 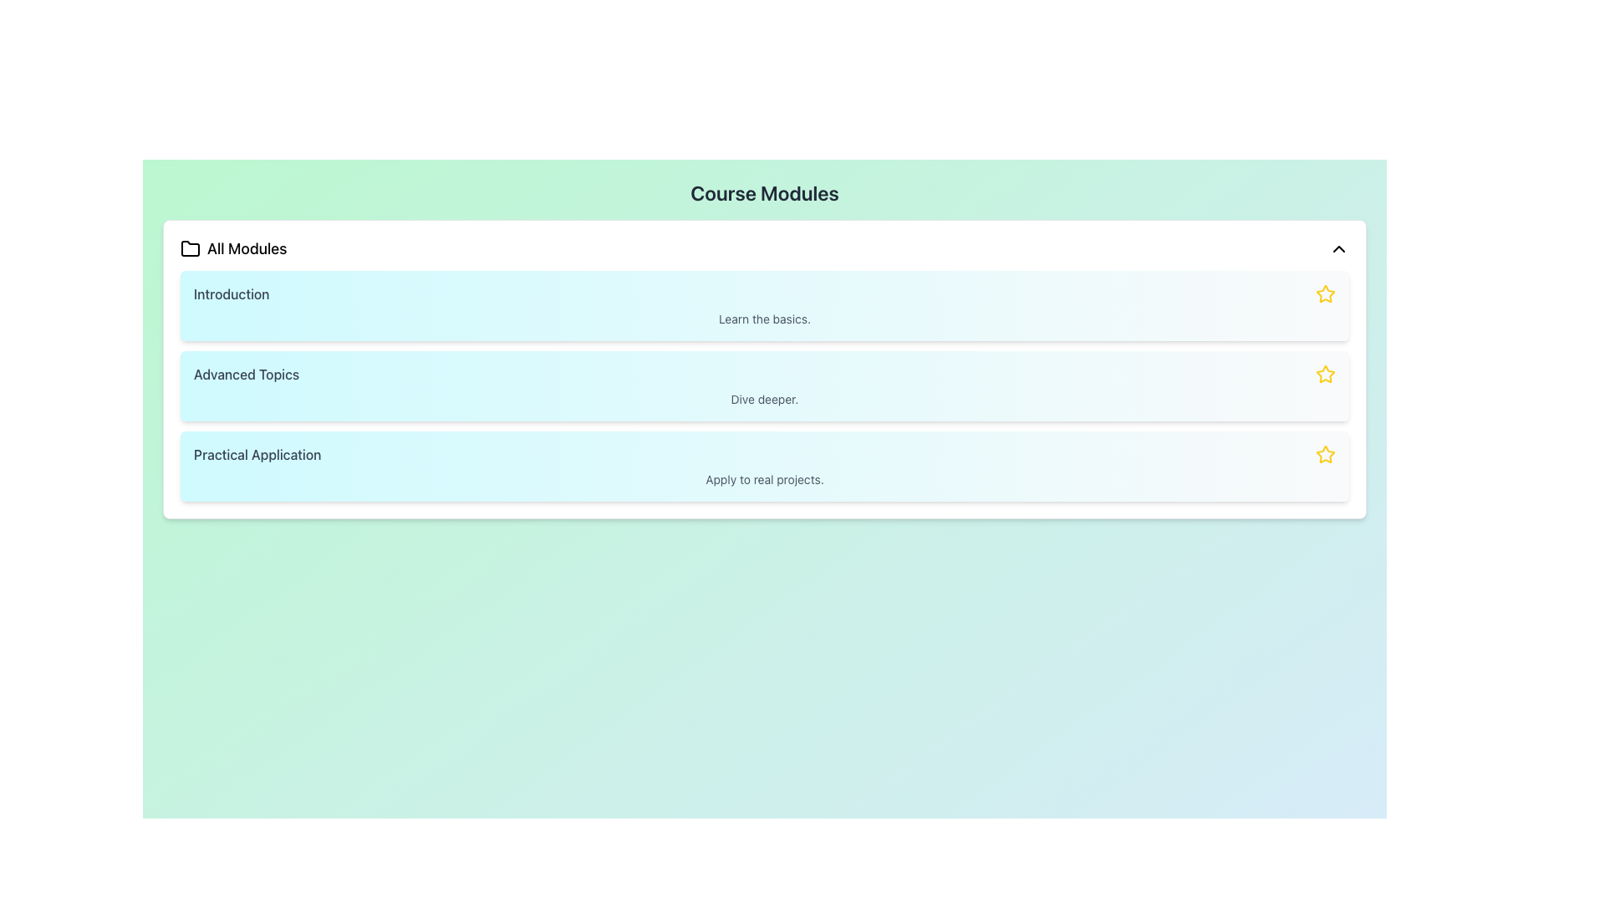 I want to click on the label containing the text 'Practical Application' styled in gray on a light blue background, located in the third row of the module listing section, so click(x=257, y=454).